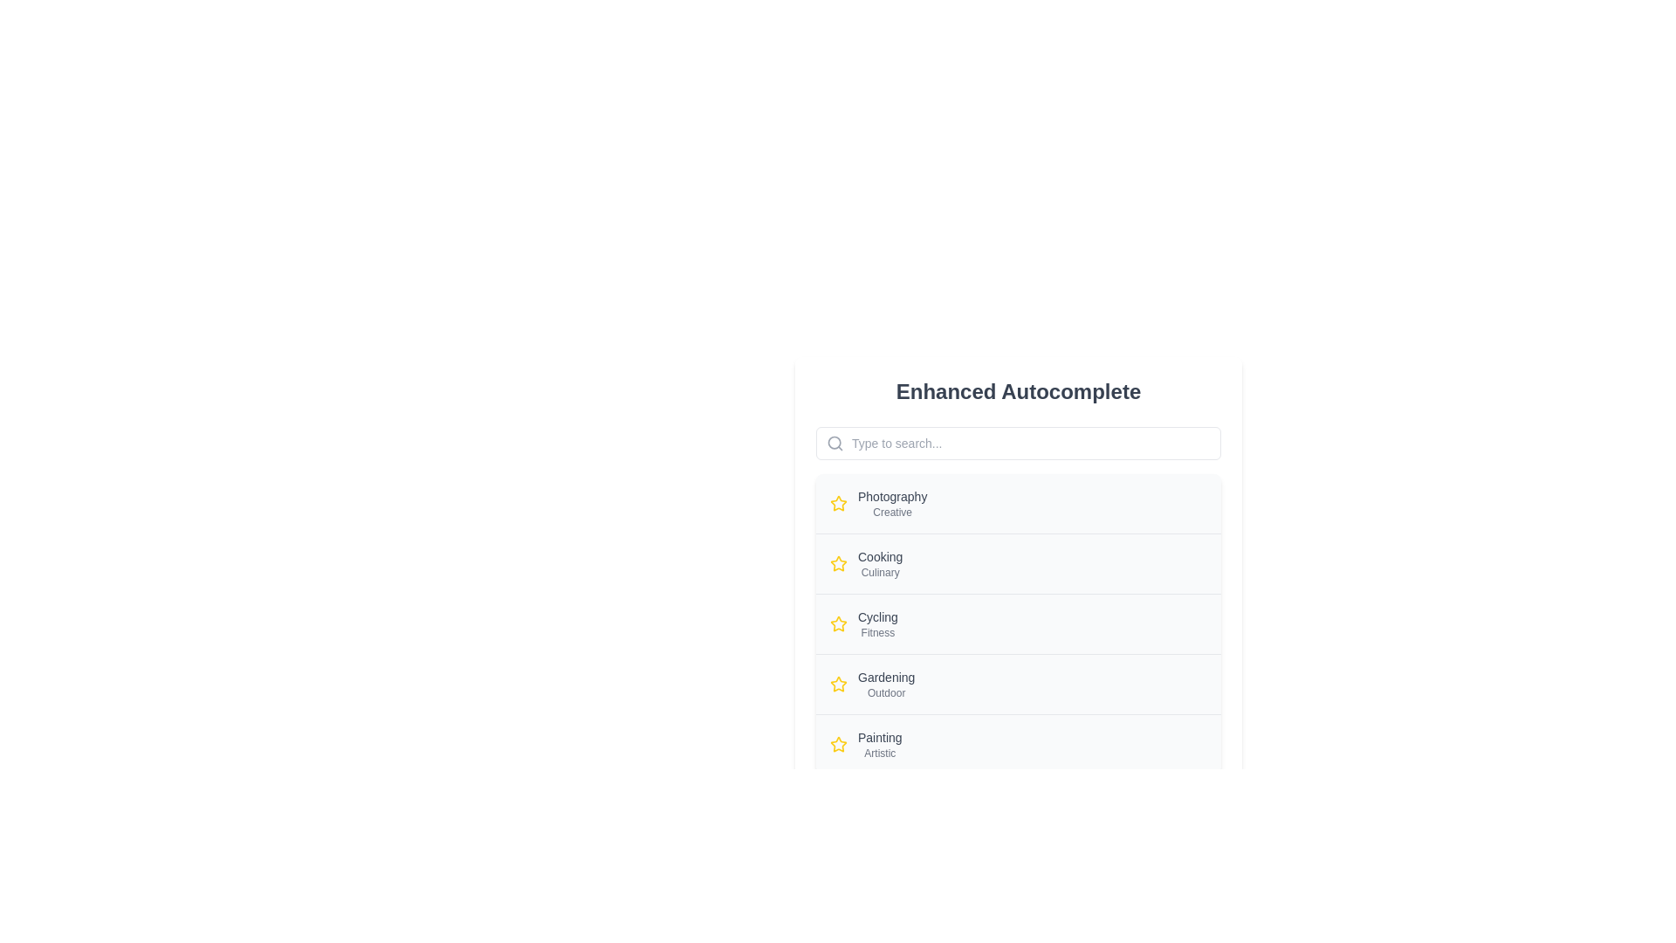 This screenshot has width=1676, height=943. What do you see at coordinates (892, 511) in the screenshot?
I see `the static text element that provides additional descriptive information about 'Photography', positioned below the main heading 'Photography'` at bounding box center [892, 511].